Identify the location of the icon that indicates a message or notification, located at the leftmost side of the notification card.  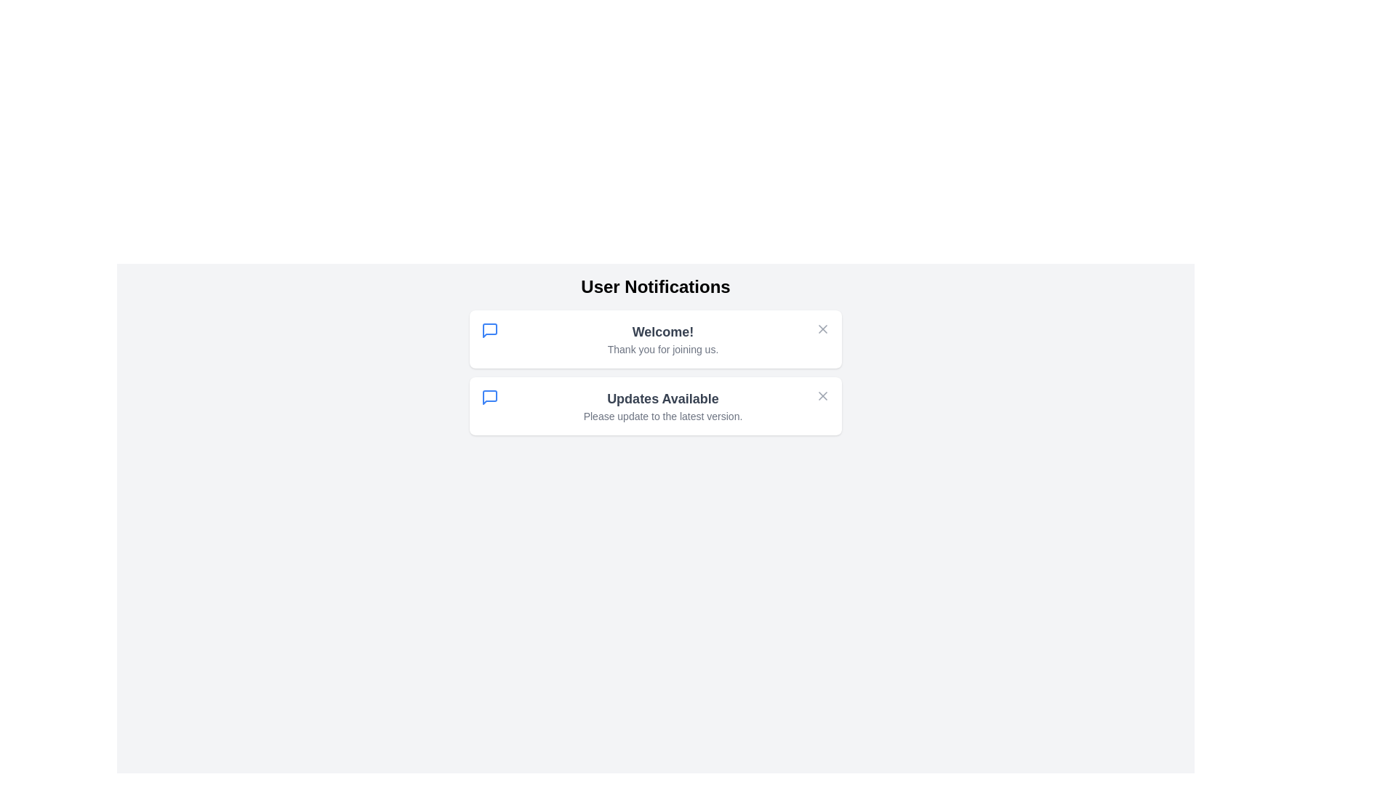
(489, 331).